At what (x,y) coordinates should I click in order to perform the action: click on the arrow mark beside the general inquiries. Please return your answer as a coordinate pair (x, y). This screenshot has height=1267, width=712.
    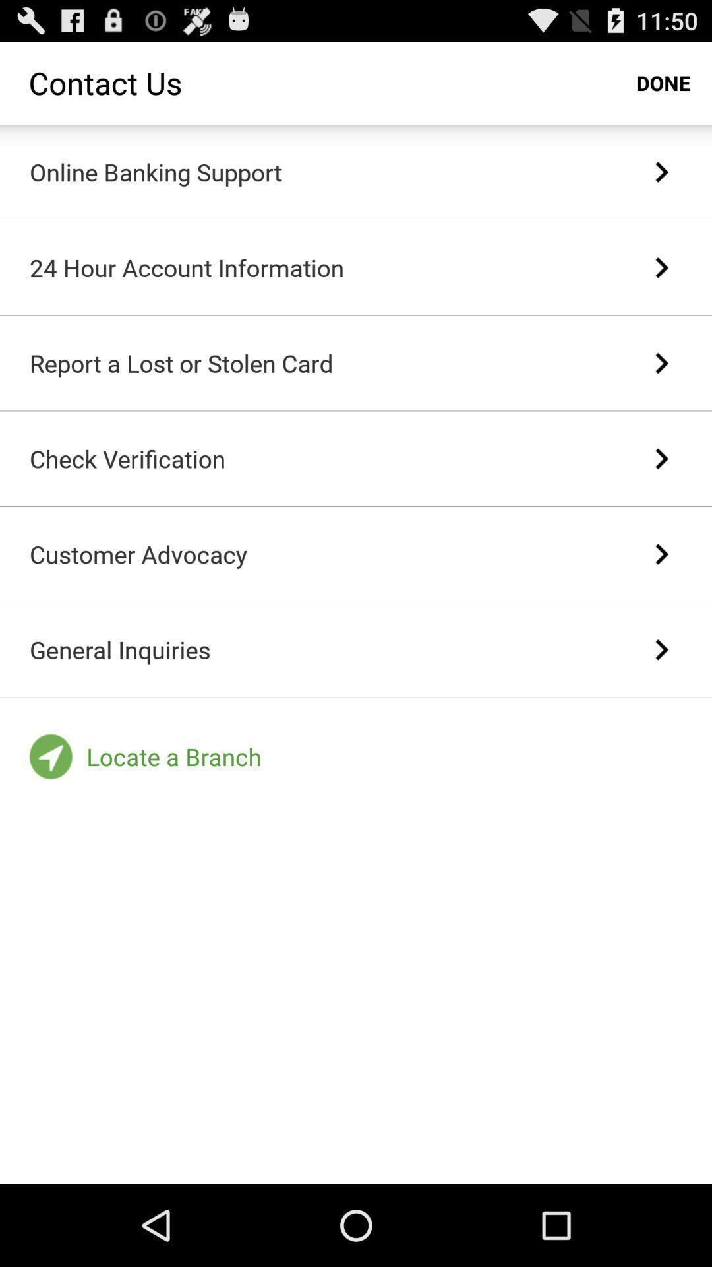
    Looking at the image, I should click on (661, 649).